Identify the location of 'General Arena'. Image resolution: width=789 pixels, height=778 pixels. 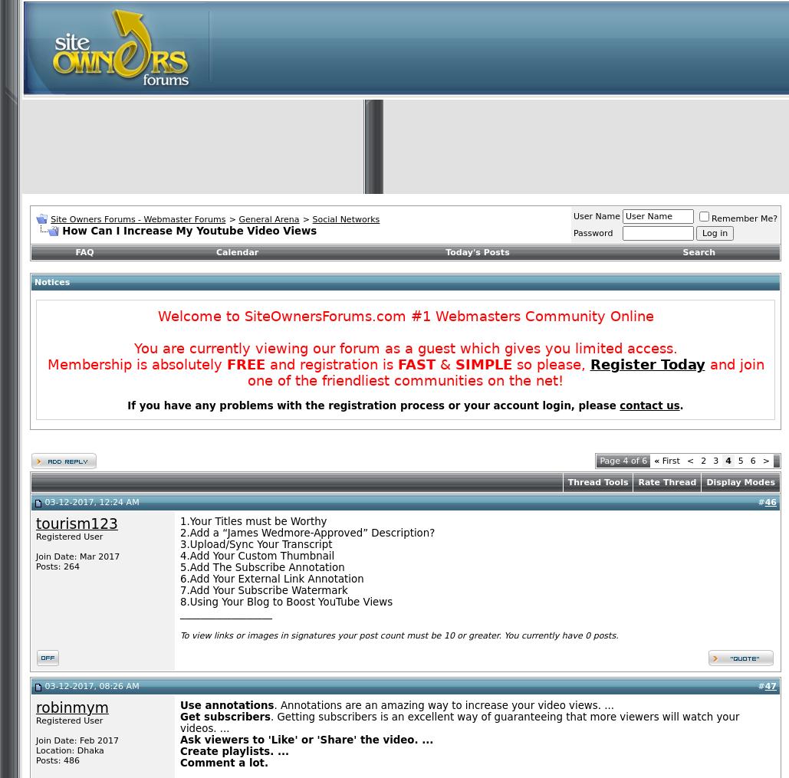
(268, 218).